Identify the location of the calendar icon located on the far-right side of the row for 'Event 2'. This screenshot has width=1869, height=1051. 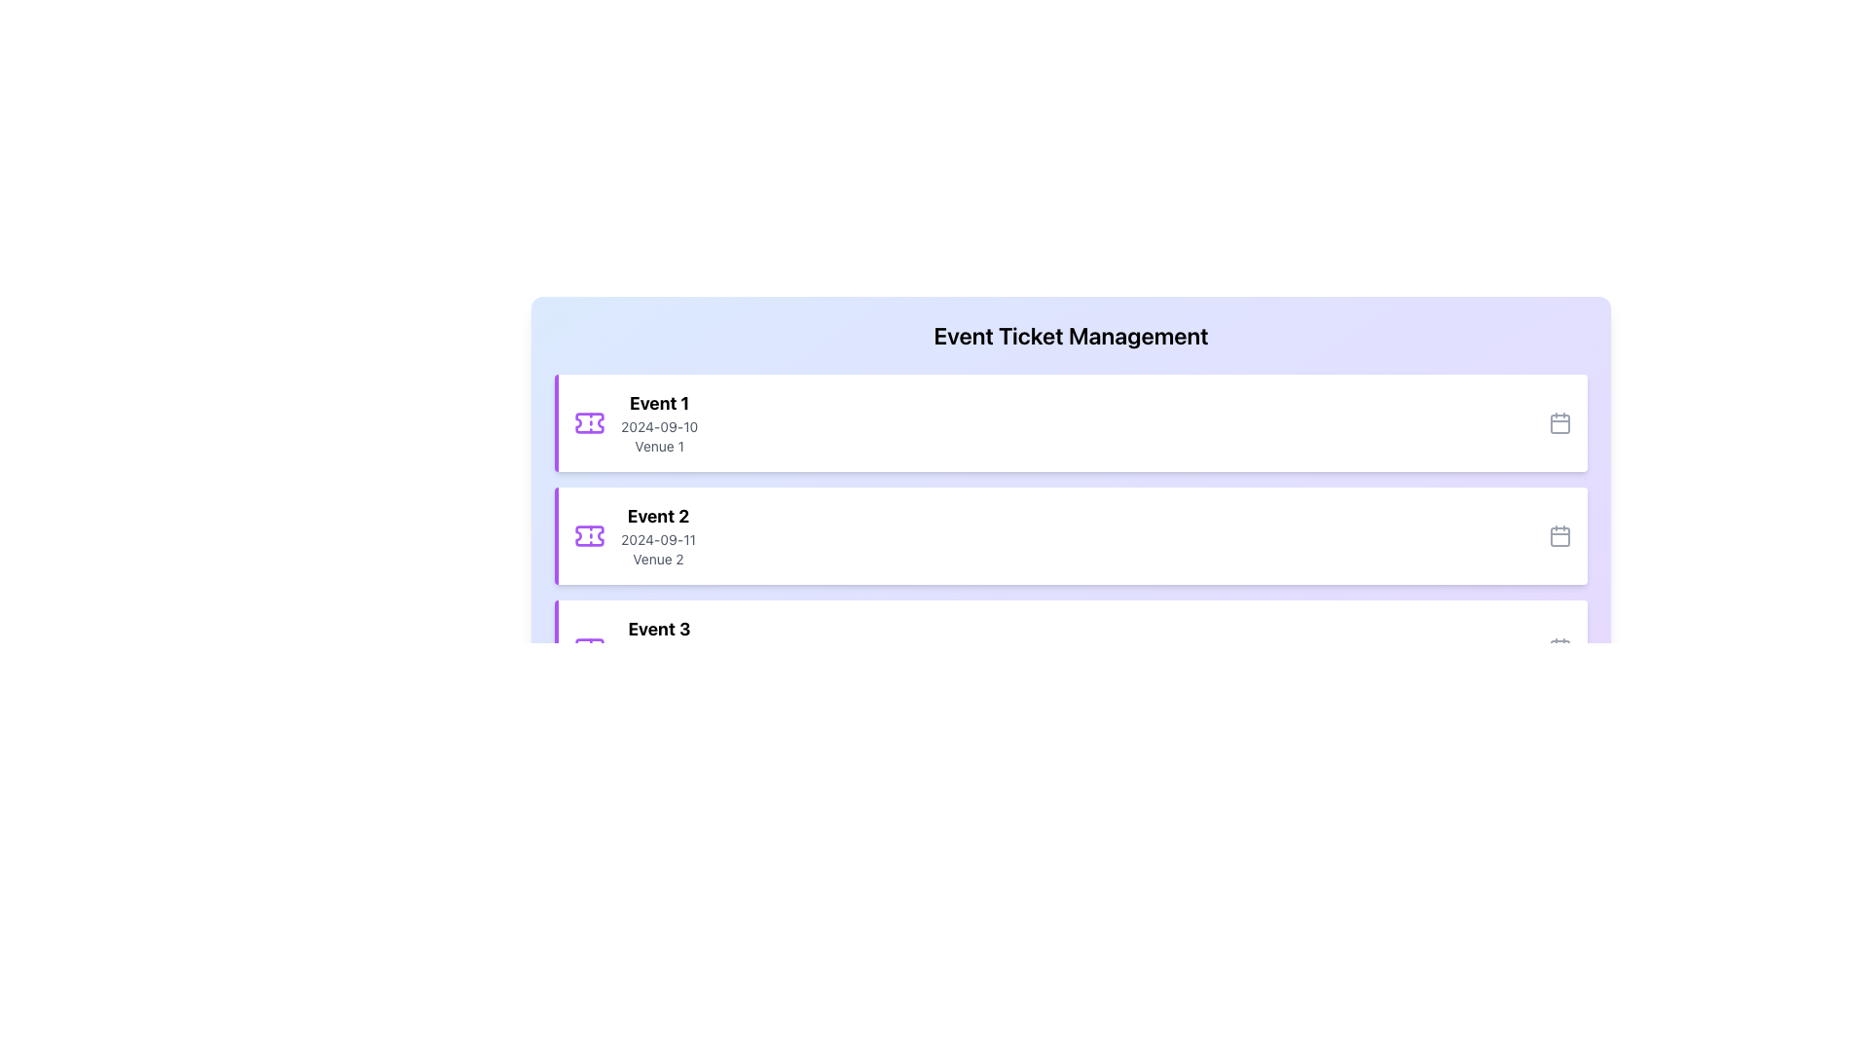
(1560, 536).